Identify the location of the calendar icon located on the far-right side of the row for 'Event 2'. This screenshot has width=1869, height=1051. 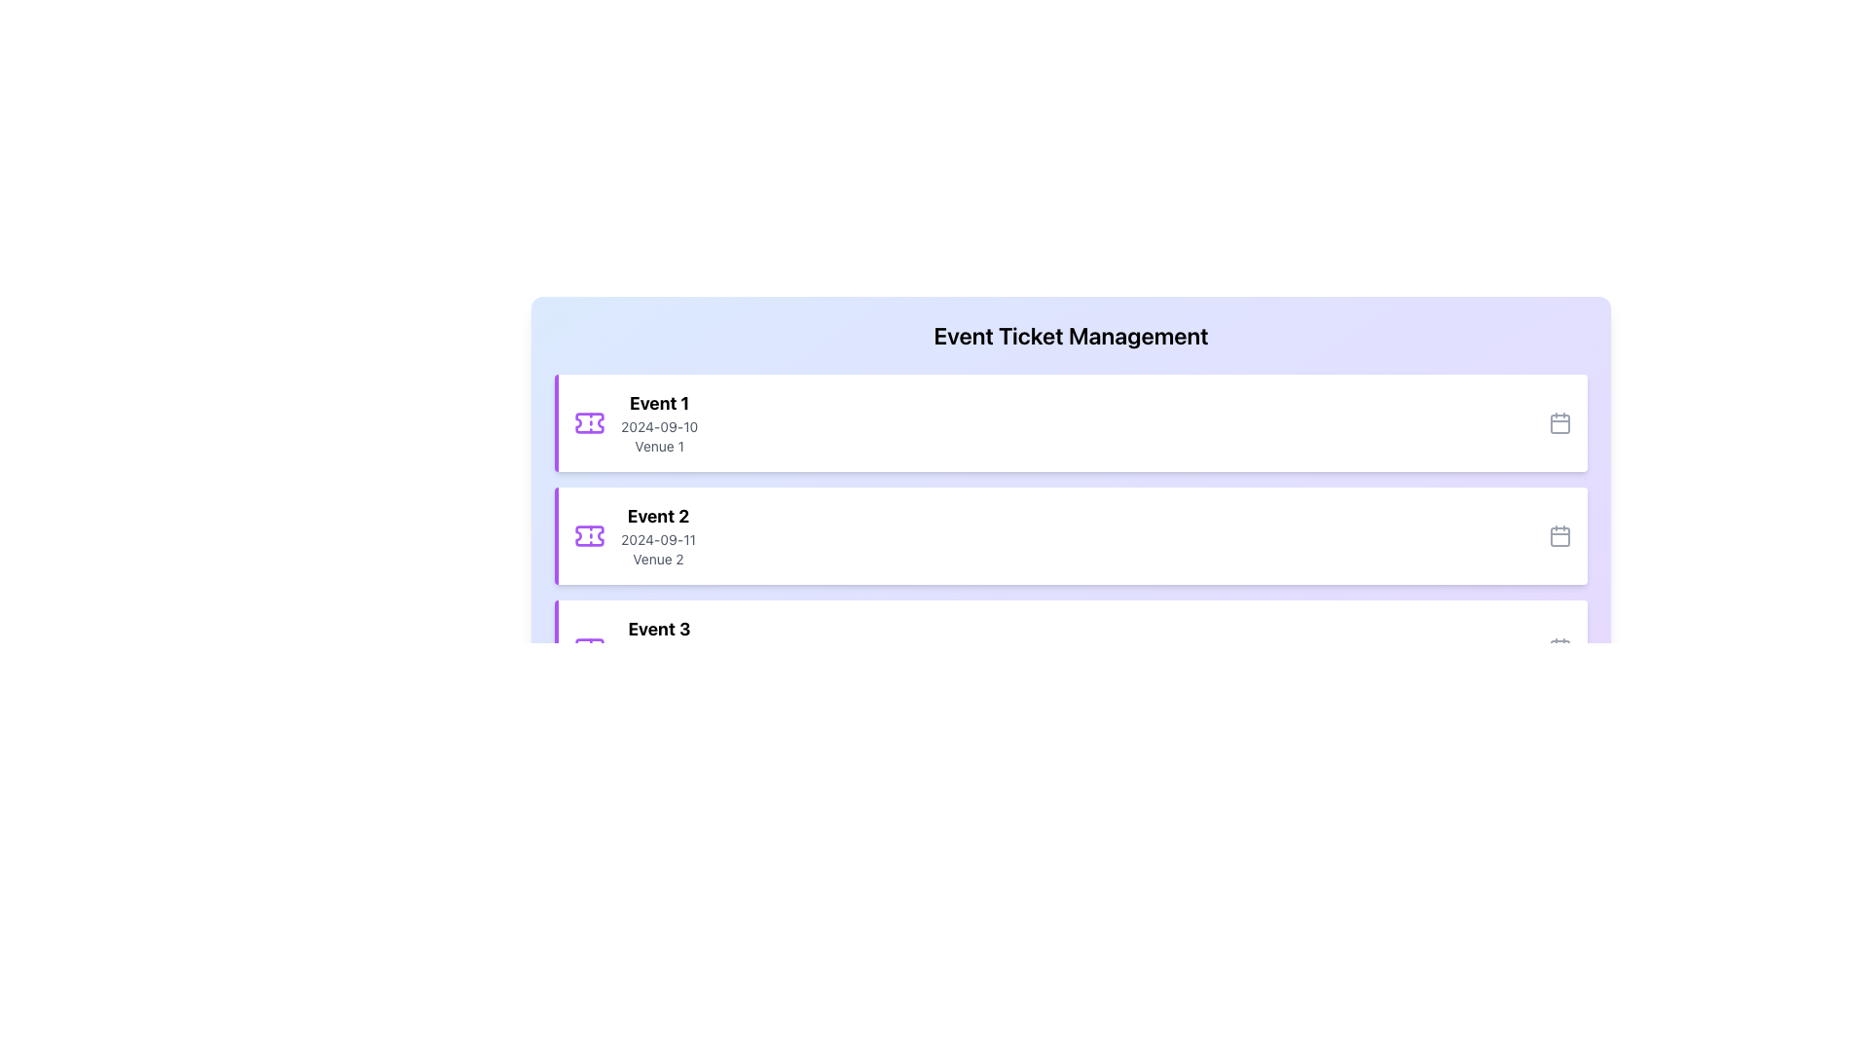
(1560, 536).